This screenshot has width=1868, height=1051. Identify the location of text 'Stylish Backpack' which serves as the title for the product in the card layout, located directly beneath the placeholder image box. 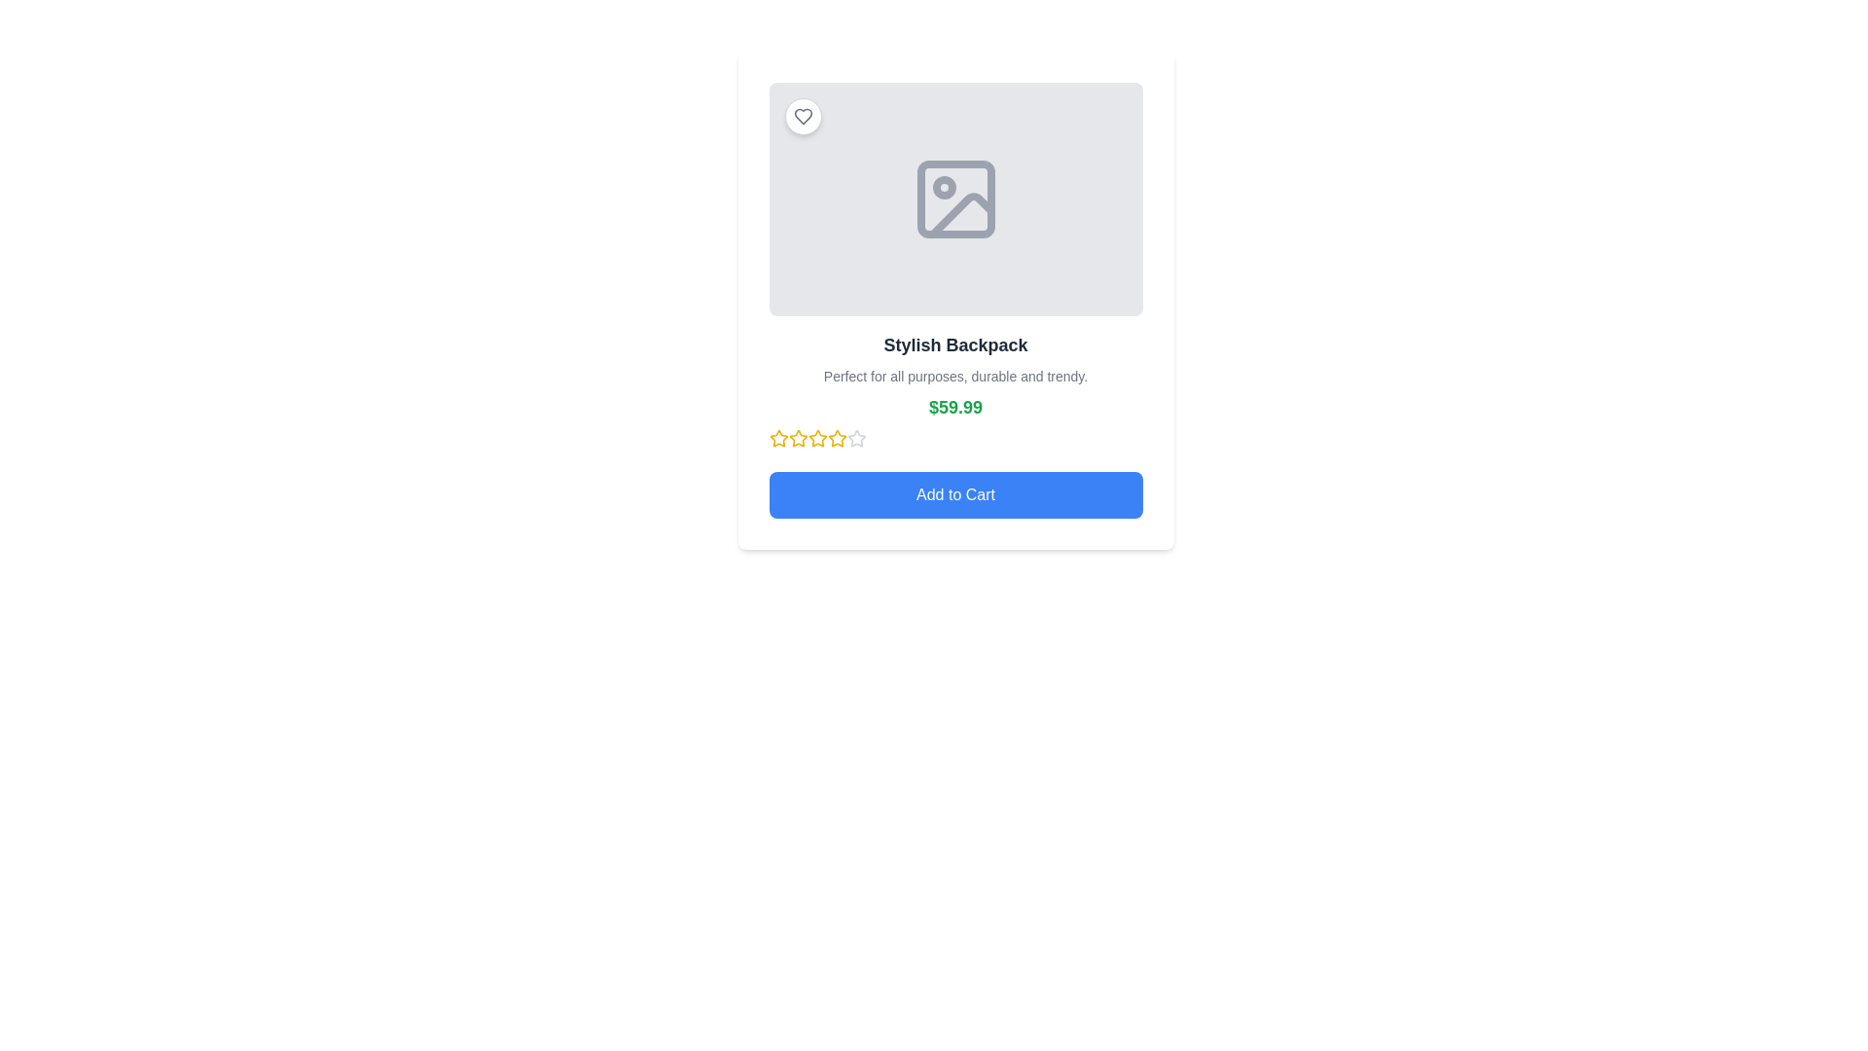
(955, 344).